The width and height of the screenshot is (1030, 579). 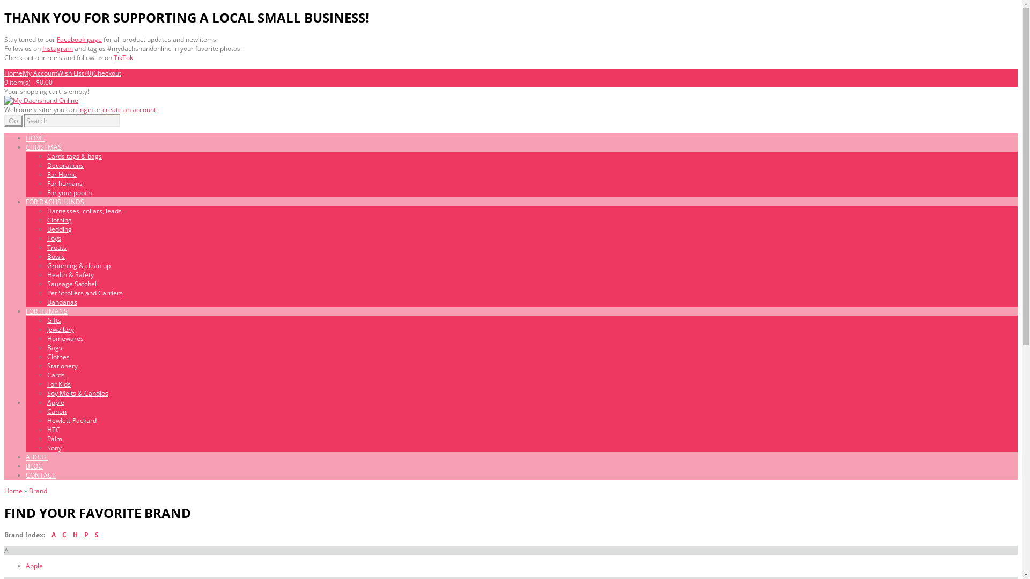 I want to click on 'Facebook page', so click(x=79, y=39).